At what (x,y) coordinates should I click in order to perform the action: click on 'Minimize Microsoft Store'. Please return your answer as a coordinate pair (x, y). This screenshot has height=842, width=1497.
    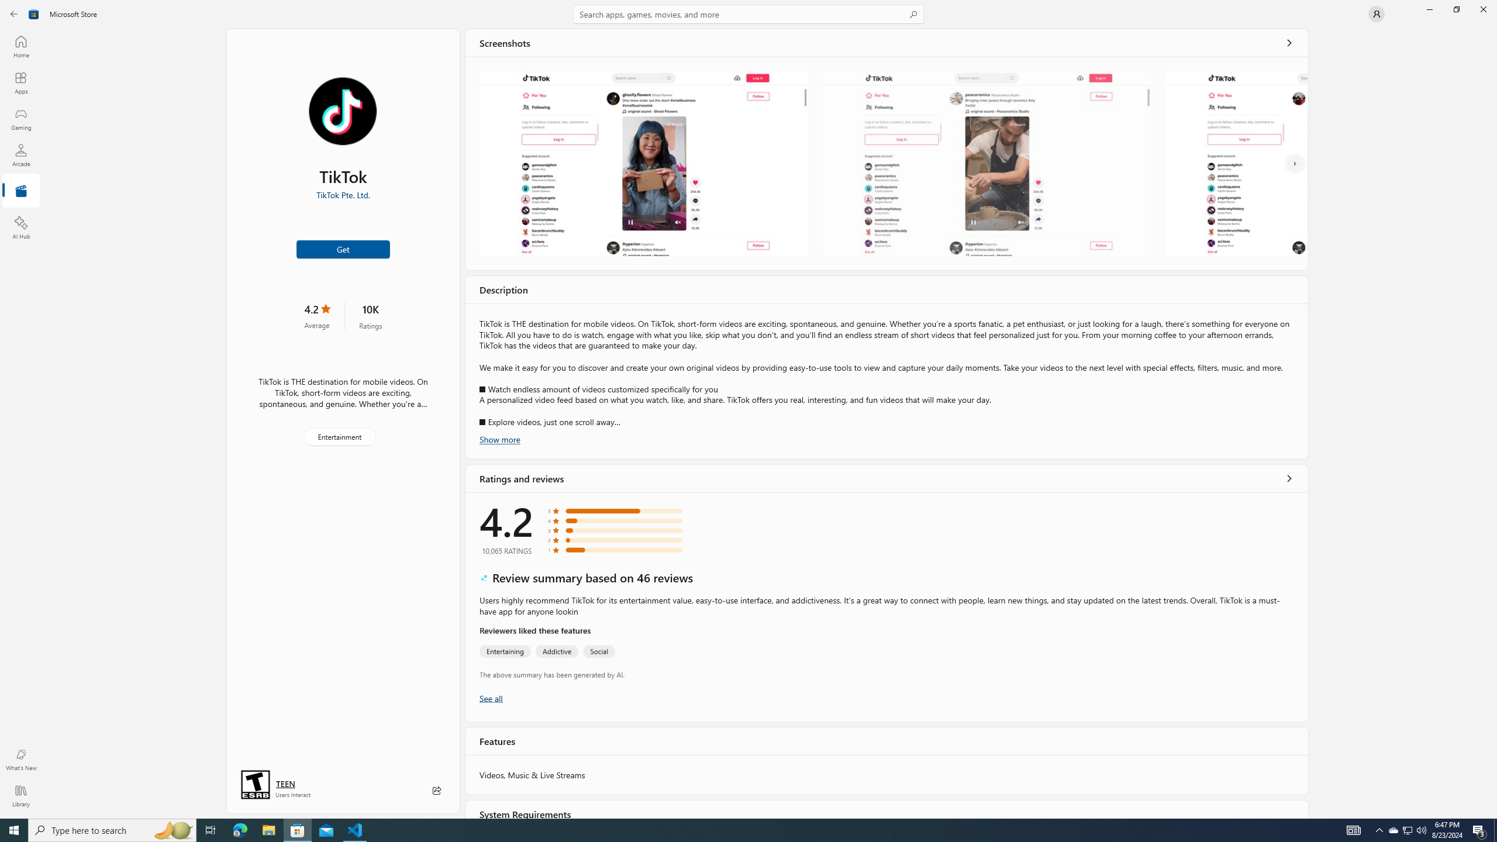
    Looking at the image, I should click on (1429, 9).